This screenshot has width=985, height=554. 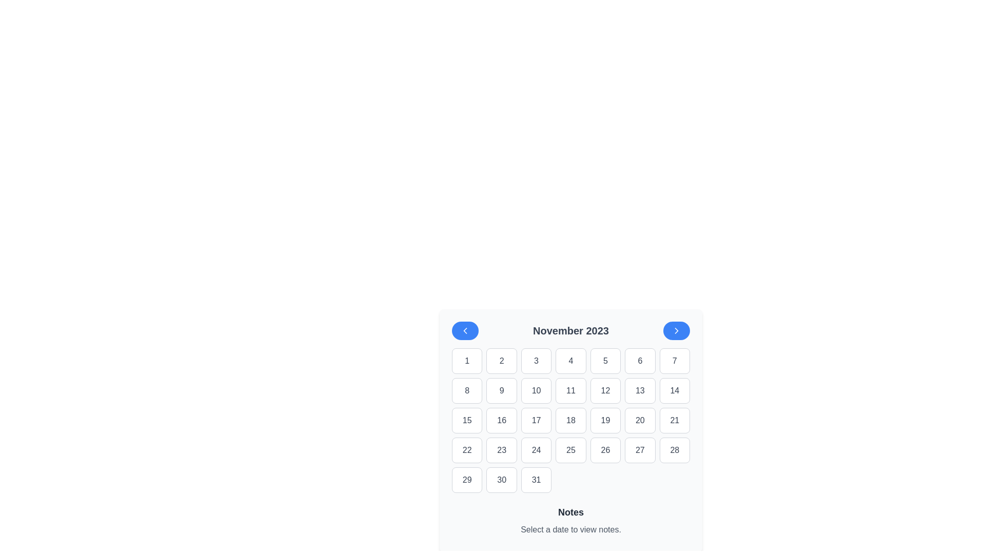 I want to click on the button with the number '29', which has a white background, soft rounded corners, and dark gray text, positioned in the sixth row of a grid in the lower-left quadrant of the calendar interface, so click(x=466, y=480).